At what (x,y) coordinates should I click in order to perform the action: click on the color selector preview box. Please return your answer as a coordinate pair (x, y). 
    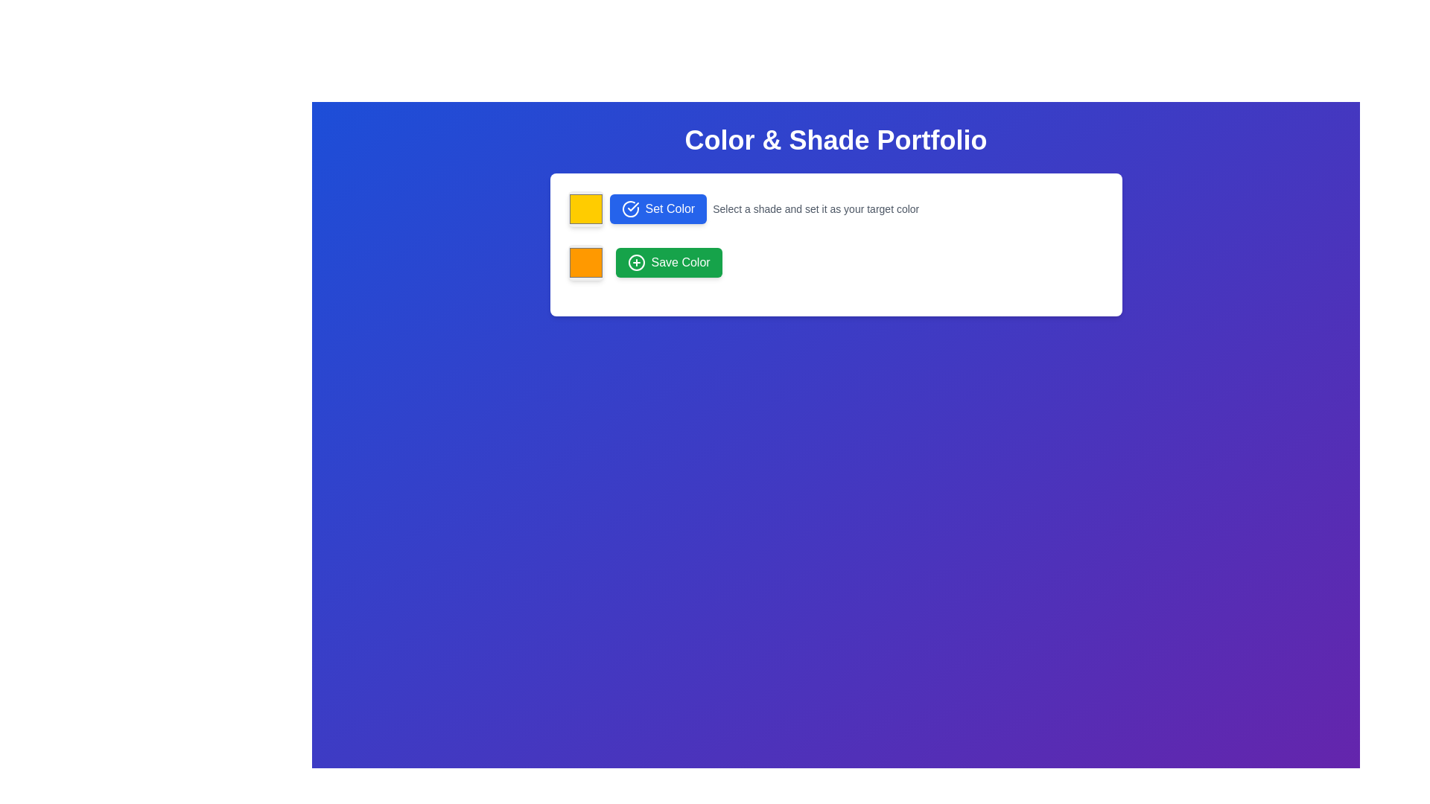
    Looking at the image, I should click on (585, 262).